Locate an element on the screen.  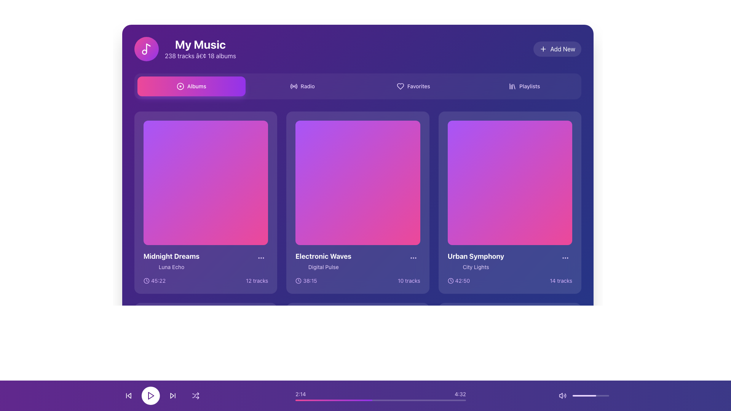
the text element displaying the time '4:32' in light purple font, located at the rightmost position on the progress bar, within a dark purple section is located at coordinates (460, 394).